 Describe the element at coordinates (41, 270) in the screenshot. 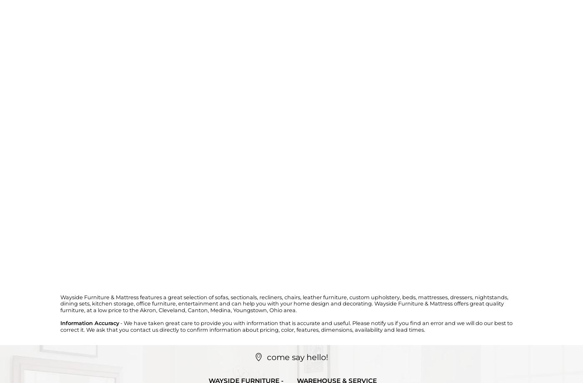

I see `'Reference #:'` at that location.